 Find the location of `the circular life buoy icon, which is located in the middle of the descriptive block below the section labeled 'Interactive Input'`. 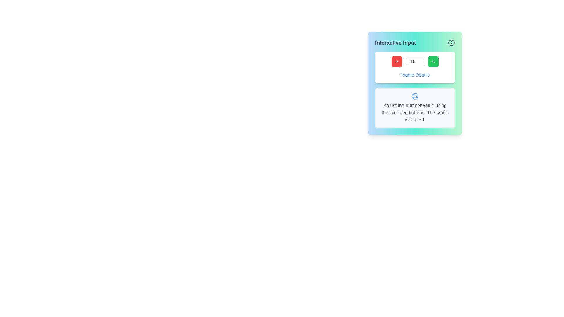

the circular life buoy icon, which is located in the middle of the descriptive block below the section labeled 'Interactive Input' is located at coordinates (414, 96).